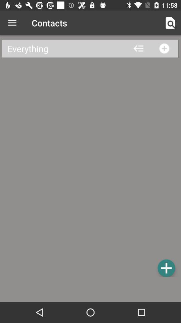 The image size is (181, 323). I want to click on the add icon, so click(164, 48).